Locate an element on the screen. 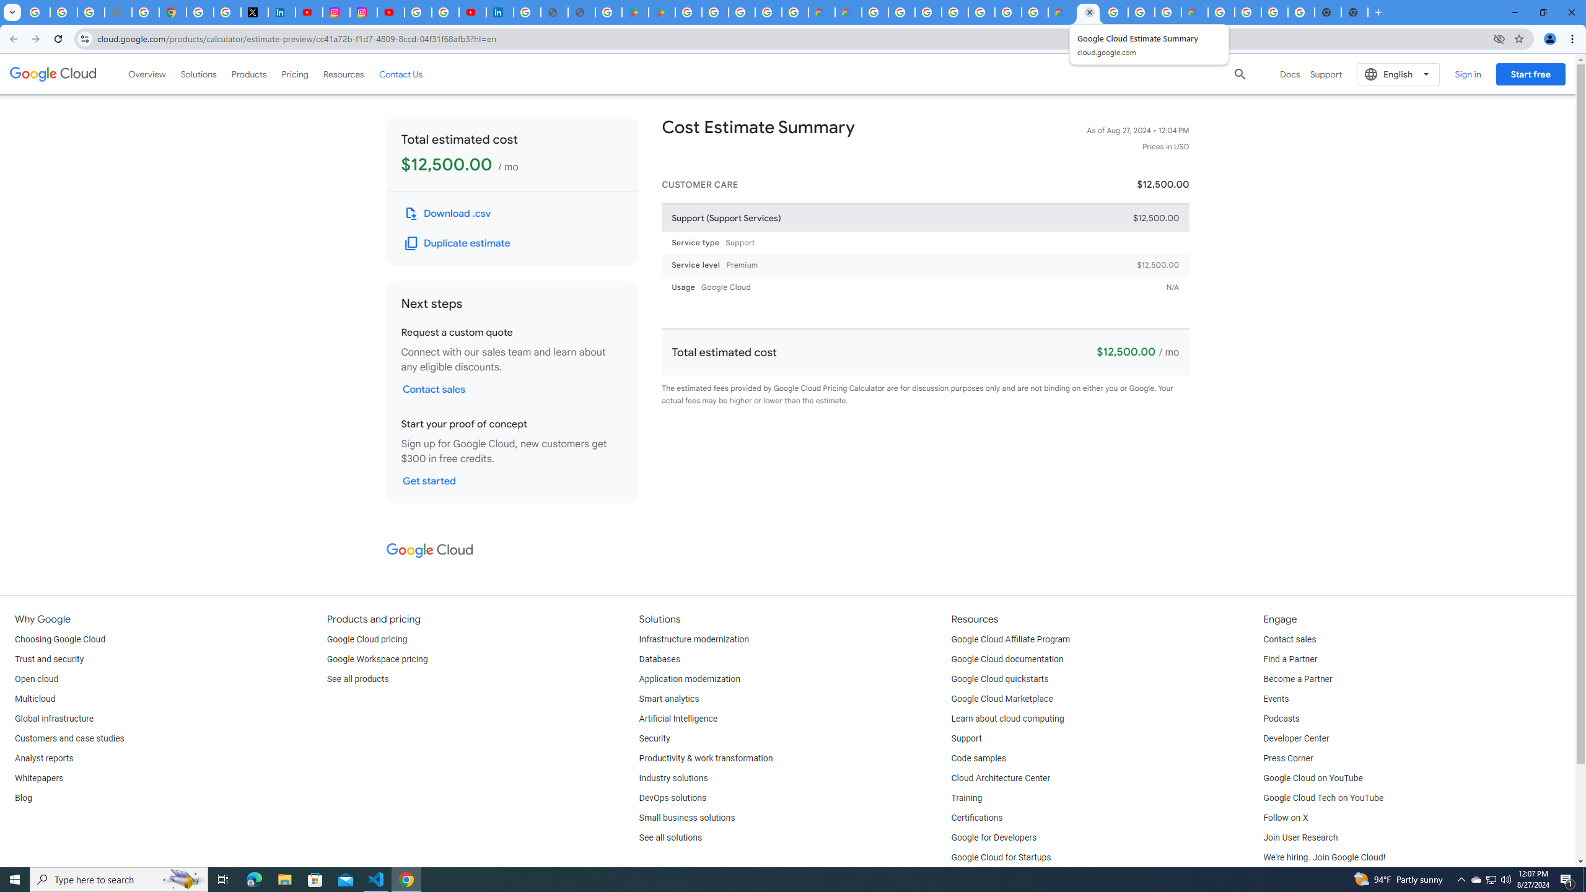 The height and width of the screenshot is (892, 1586). 'Small business solutions' is located at coordinates (686, 818).